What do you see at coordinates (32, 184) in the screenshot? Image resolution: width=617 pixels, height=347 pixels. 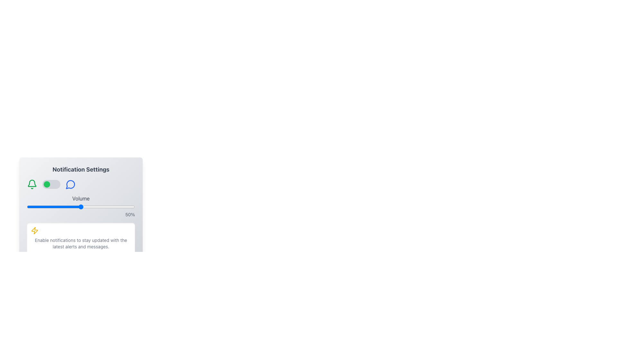 I see `the green bell-shaped icon for visual inspection in the notification settings interface` at bounding box center [32, 184].